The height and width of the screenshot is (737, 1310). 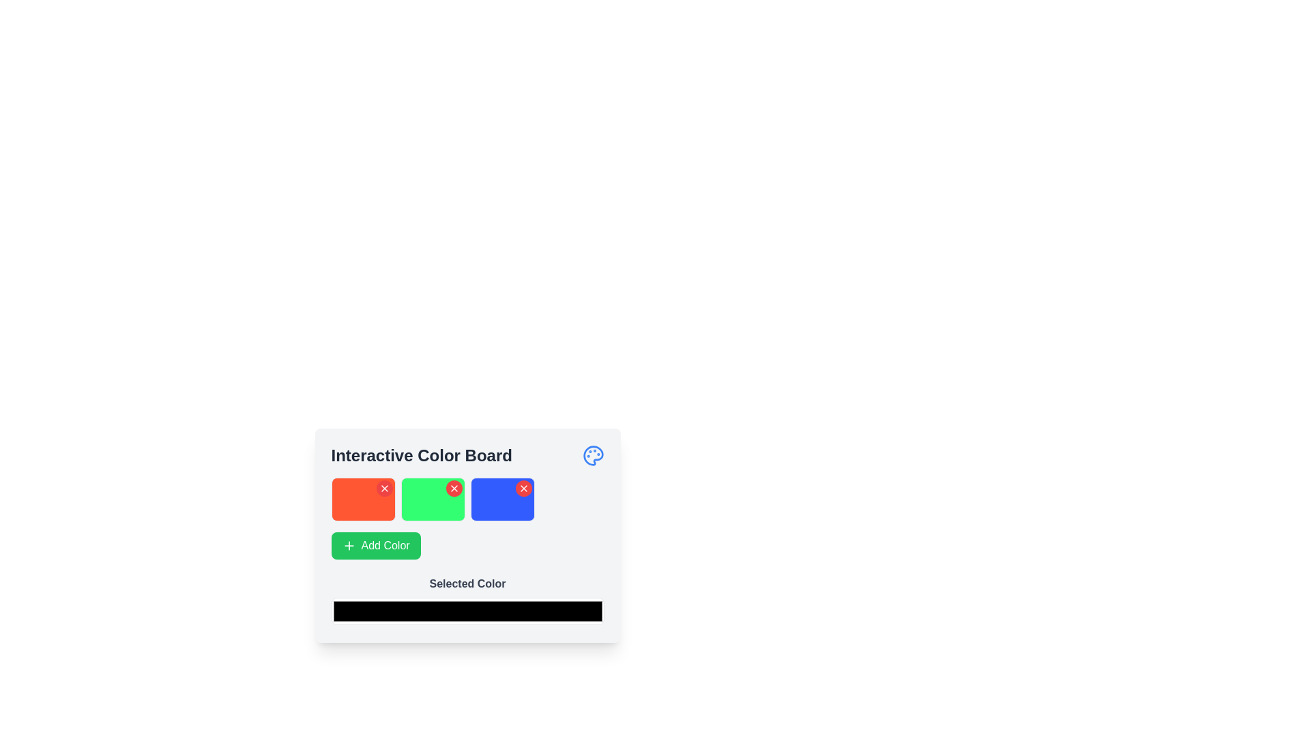 What do you see at coordinates (592, 455) in the screenshot?
I see `the paint palette icon located at the top right corner of the interactive board` at bounding box center [592, 455].